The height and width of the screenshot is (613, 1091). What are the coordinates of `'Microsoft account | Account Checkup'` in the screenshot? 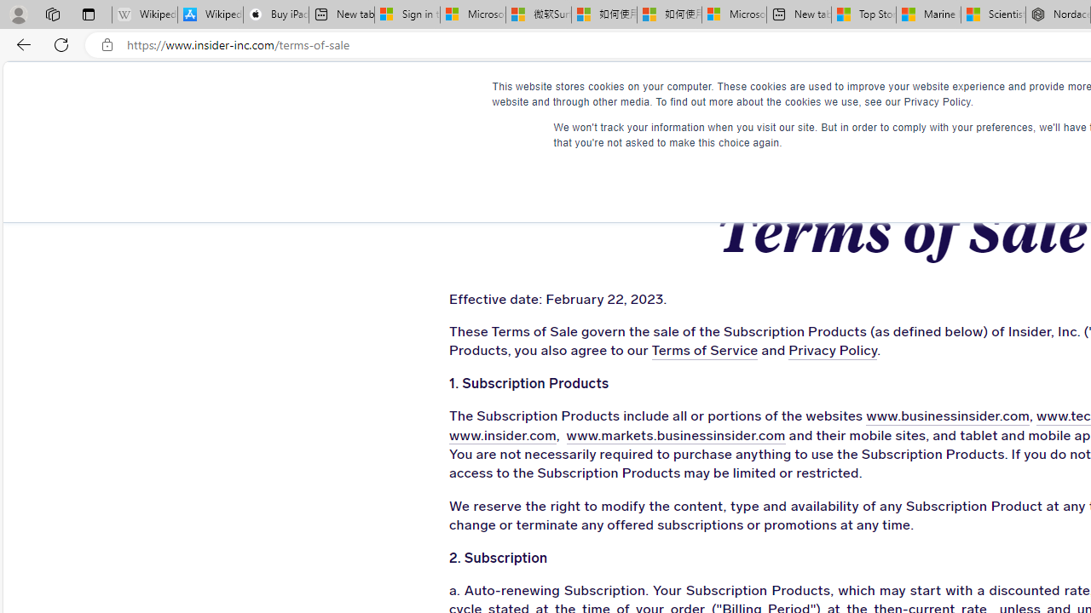 It's located at (734, 14).